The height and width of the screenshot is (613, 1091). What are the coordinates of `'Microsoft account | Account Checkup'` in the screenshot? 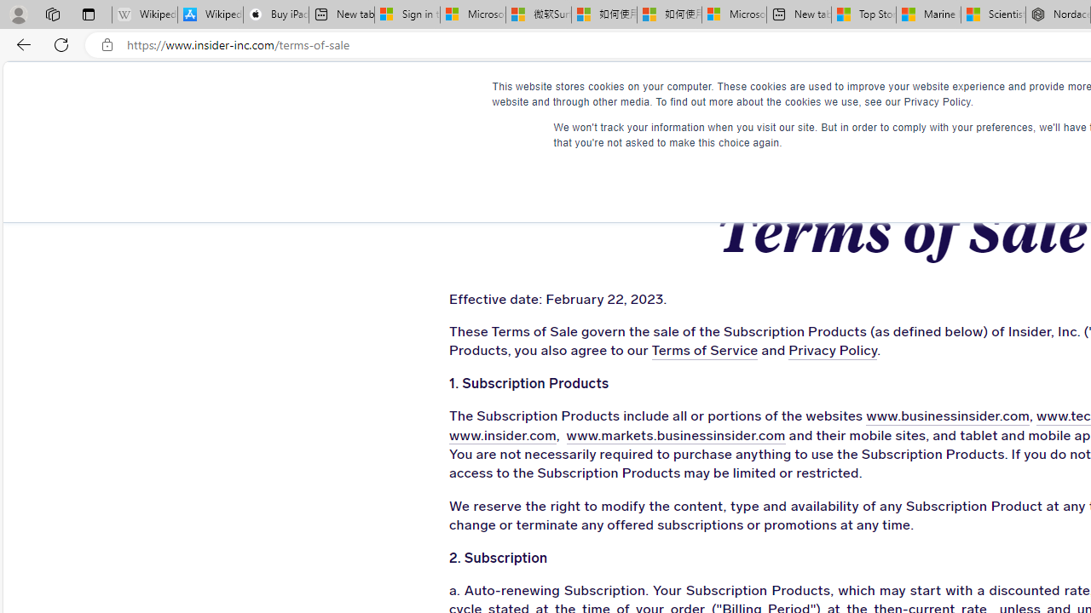 It's located at (734, 14).